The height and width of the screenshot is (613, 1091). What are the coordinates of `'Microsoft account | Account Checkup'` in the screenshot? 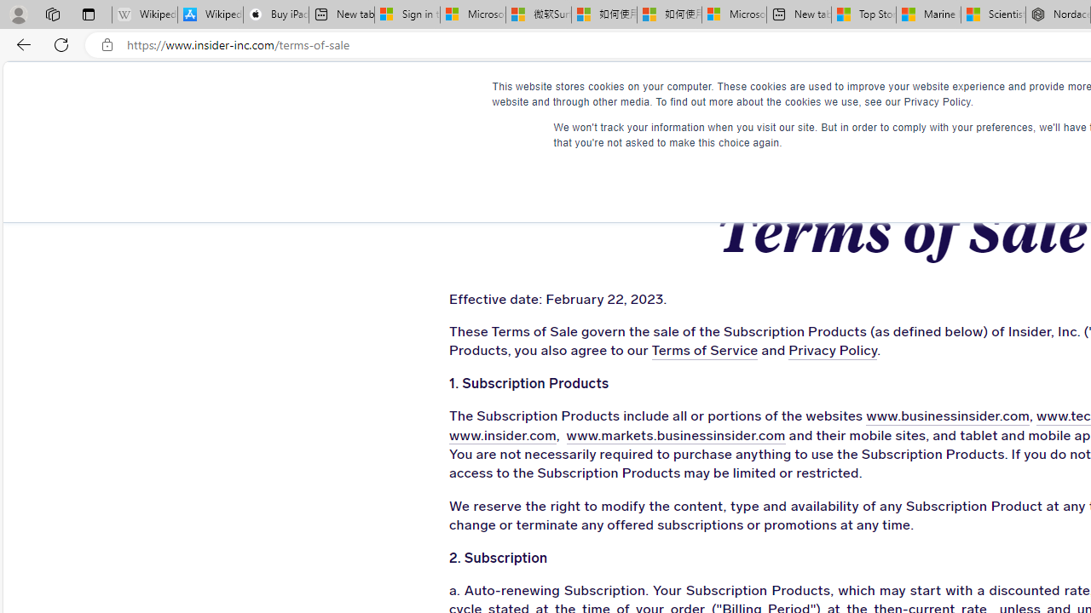 It's located at (734, 14).